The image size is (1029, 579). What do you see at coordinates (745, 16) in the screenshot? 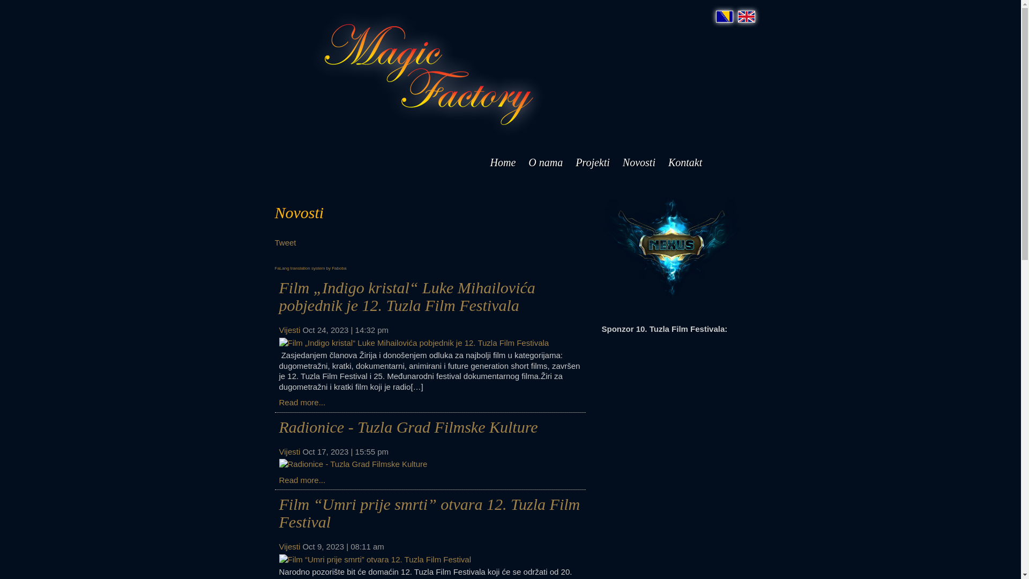
I see `'English (UK)'` at bounding box center [745, 16].